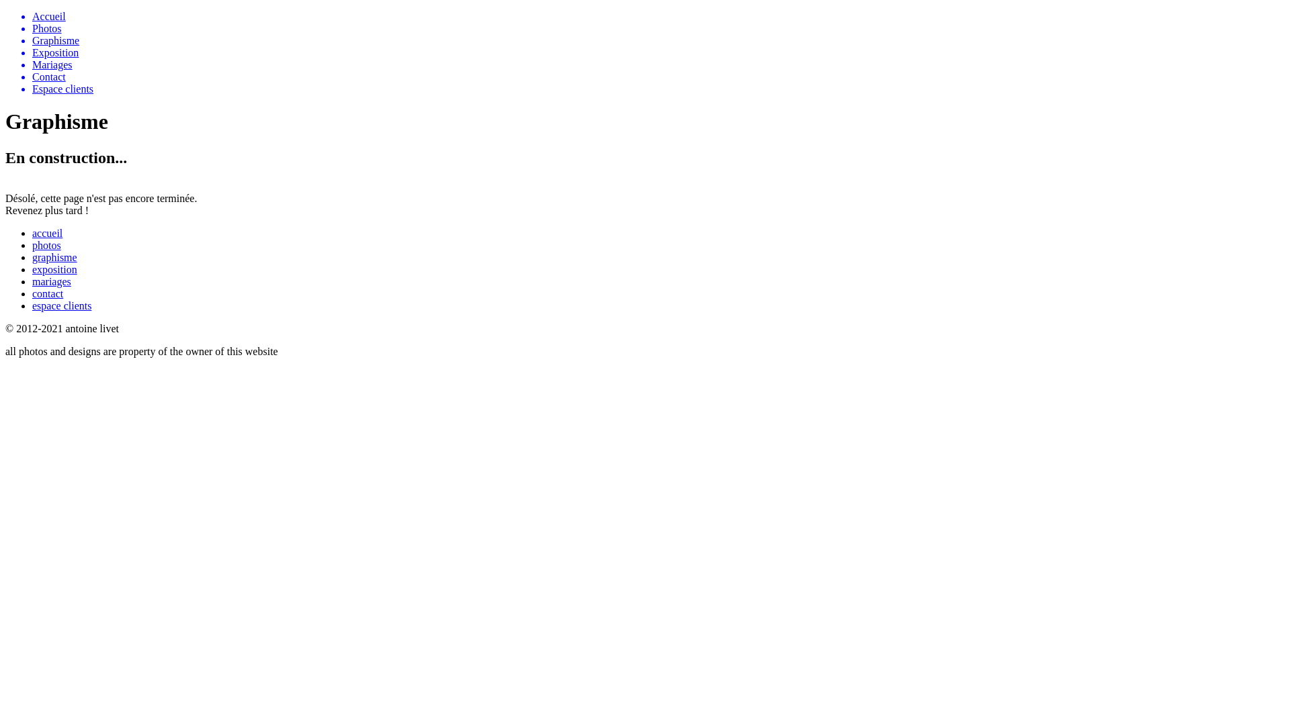  Describe the element at coordinates (51, 281) in the screenshot. I see `'mariages'` at that location.